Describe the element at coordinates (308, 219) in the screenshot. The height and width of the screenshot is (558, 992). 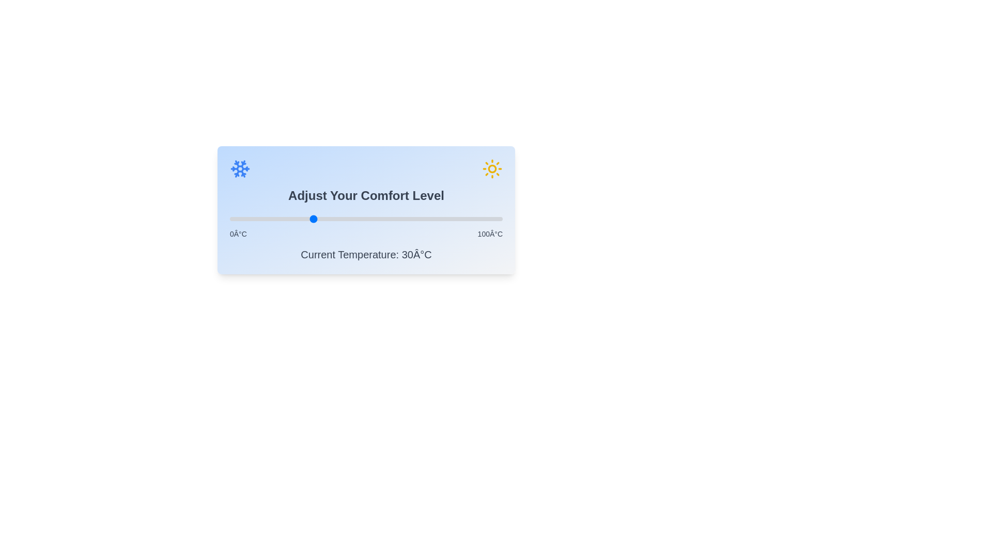
I see `the slider to set the temperature to 29°C` at that location.